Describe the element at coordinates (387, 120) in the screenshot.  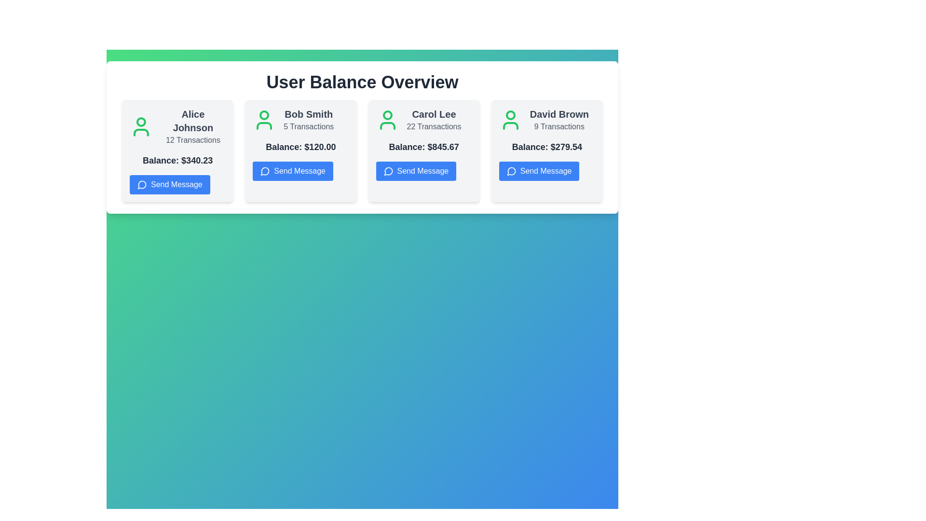
I see `the icon representing the user 'Carol Lee', located in the top left corner of her card, which is centered horizontally above the text 'Carol Lee' and '22 Transactions'` at that location.